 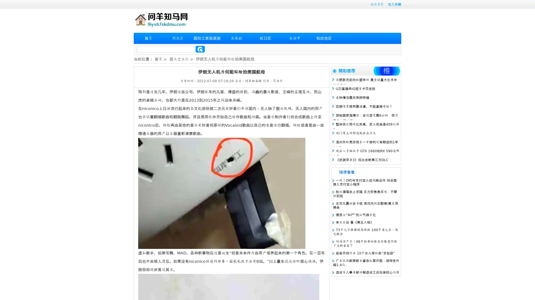 What do you see at coordinates (200, 49) in the screenshot?
I see `Search` at bounding box center [200, 49].